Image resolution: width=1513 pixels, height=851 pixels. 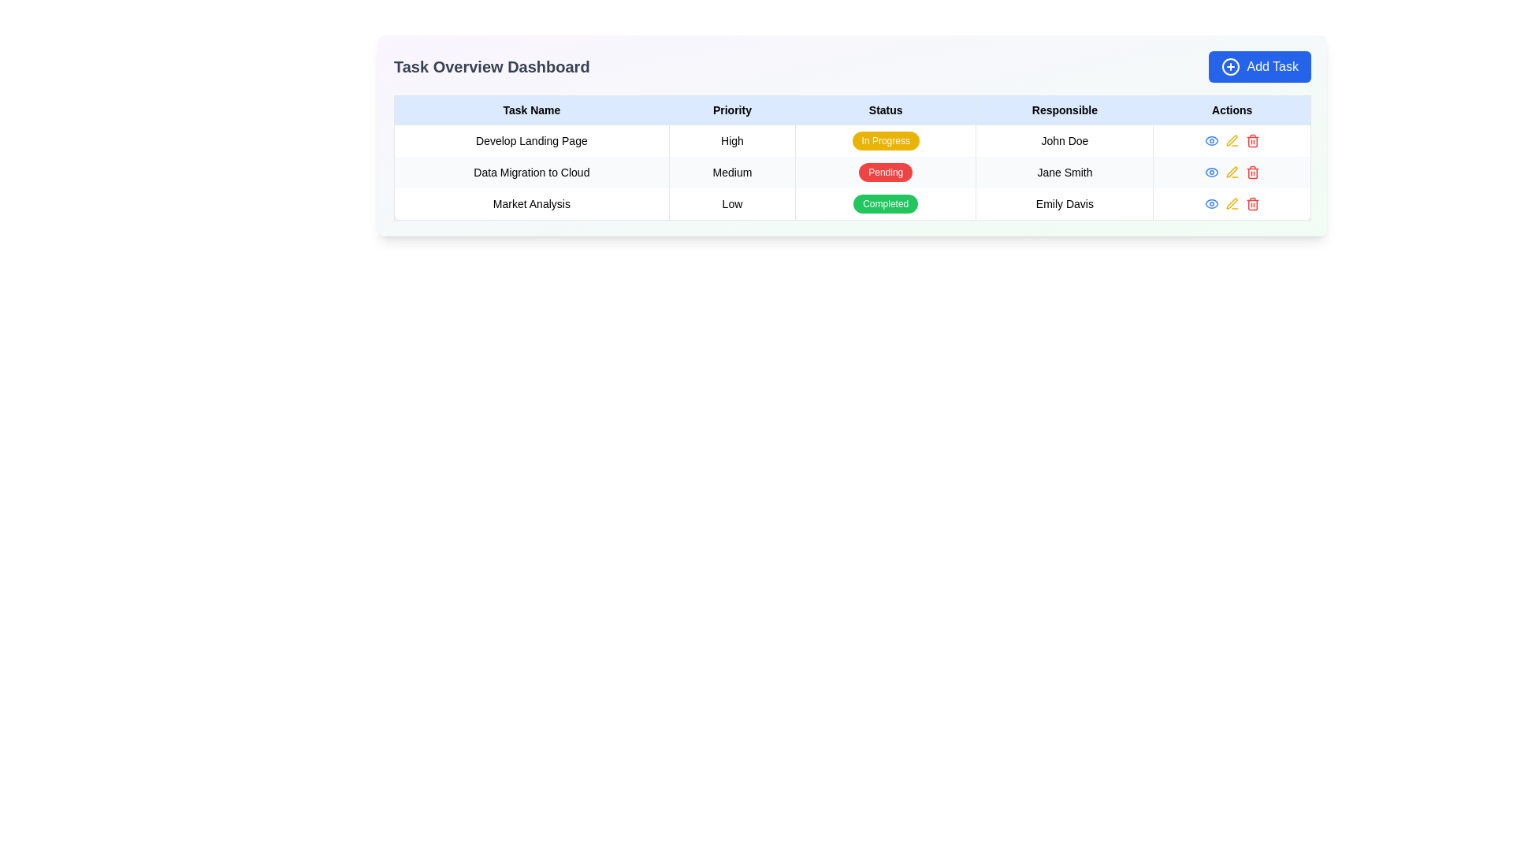 I want to click on the 'Responsible' text element, so click(x=1065, y=173).